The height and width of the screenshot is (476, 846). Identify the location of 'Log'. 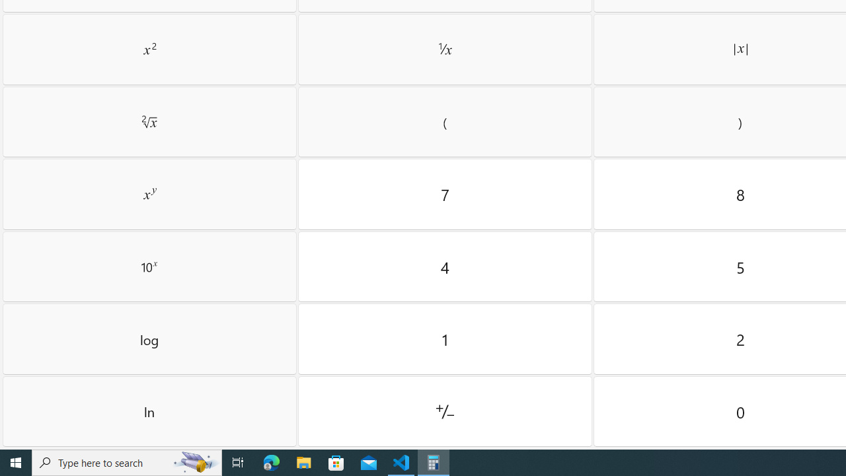
(149, 338).